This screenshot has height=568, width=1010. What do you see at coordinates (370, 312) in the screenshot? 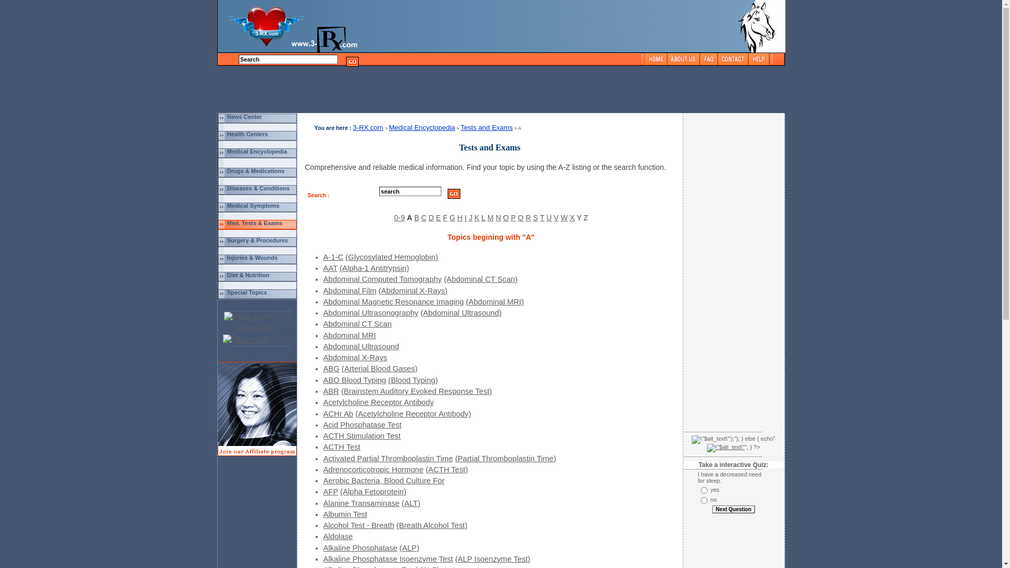
I see `'Abdominal Ultrasonography'` at bounding box center [370, 312].